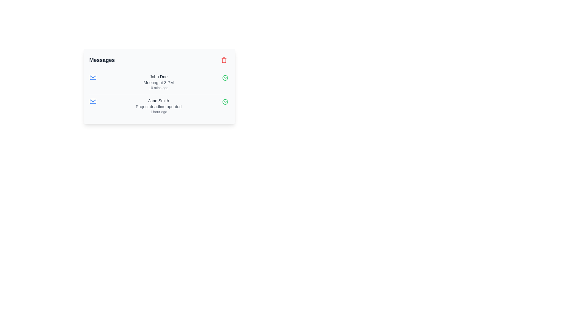  I want to click on the small text label displaying '1 hour ago', which is styled in gray and located beneath 'Project deadline updated', so click(159, 112).